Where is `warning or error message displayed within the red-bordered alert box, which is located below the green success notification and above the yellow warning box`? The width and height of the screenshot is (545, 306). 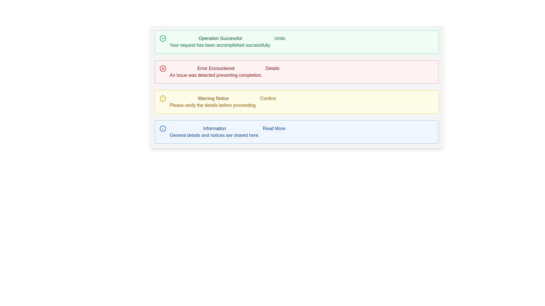
warning or error message displayed within the red-bordered alert box, which is located below the green success notification and above the yellow warning box is located at coordinates (215, 72).